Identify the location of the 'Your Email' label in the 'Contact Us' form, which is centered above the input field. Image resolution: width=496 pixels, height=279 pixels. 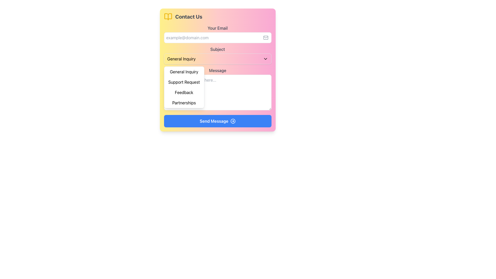
(218, 34).